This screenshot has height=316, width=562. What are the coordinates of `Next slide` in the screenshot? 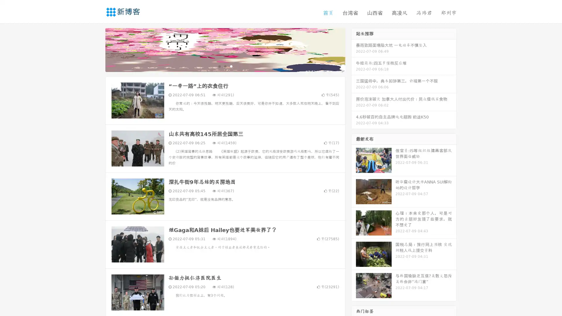 It's located at (354, 49).